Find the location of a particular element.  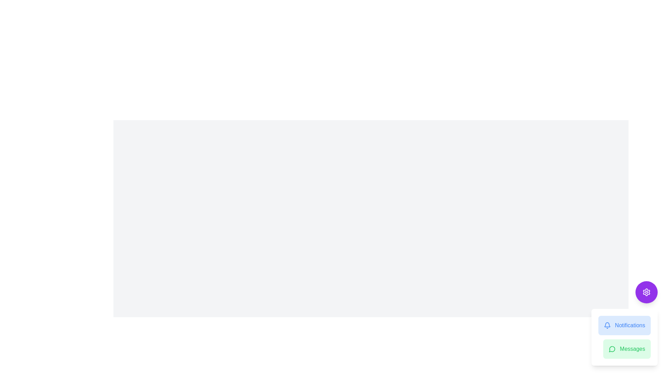

the settings icon represented by a cog shape located in the bottom-right corner of the interface, inside a purple circular button, for navigation is located at coordinates (646, 292).